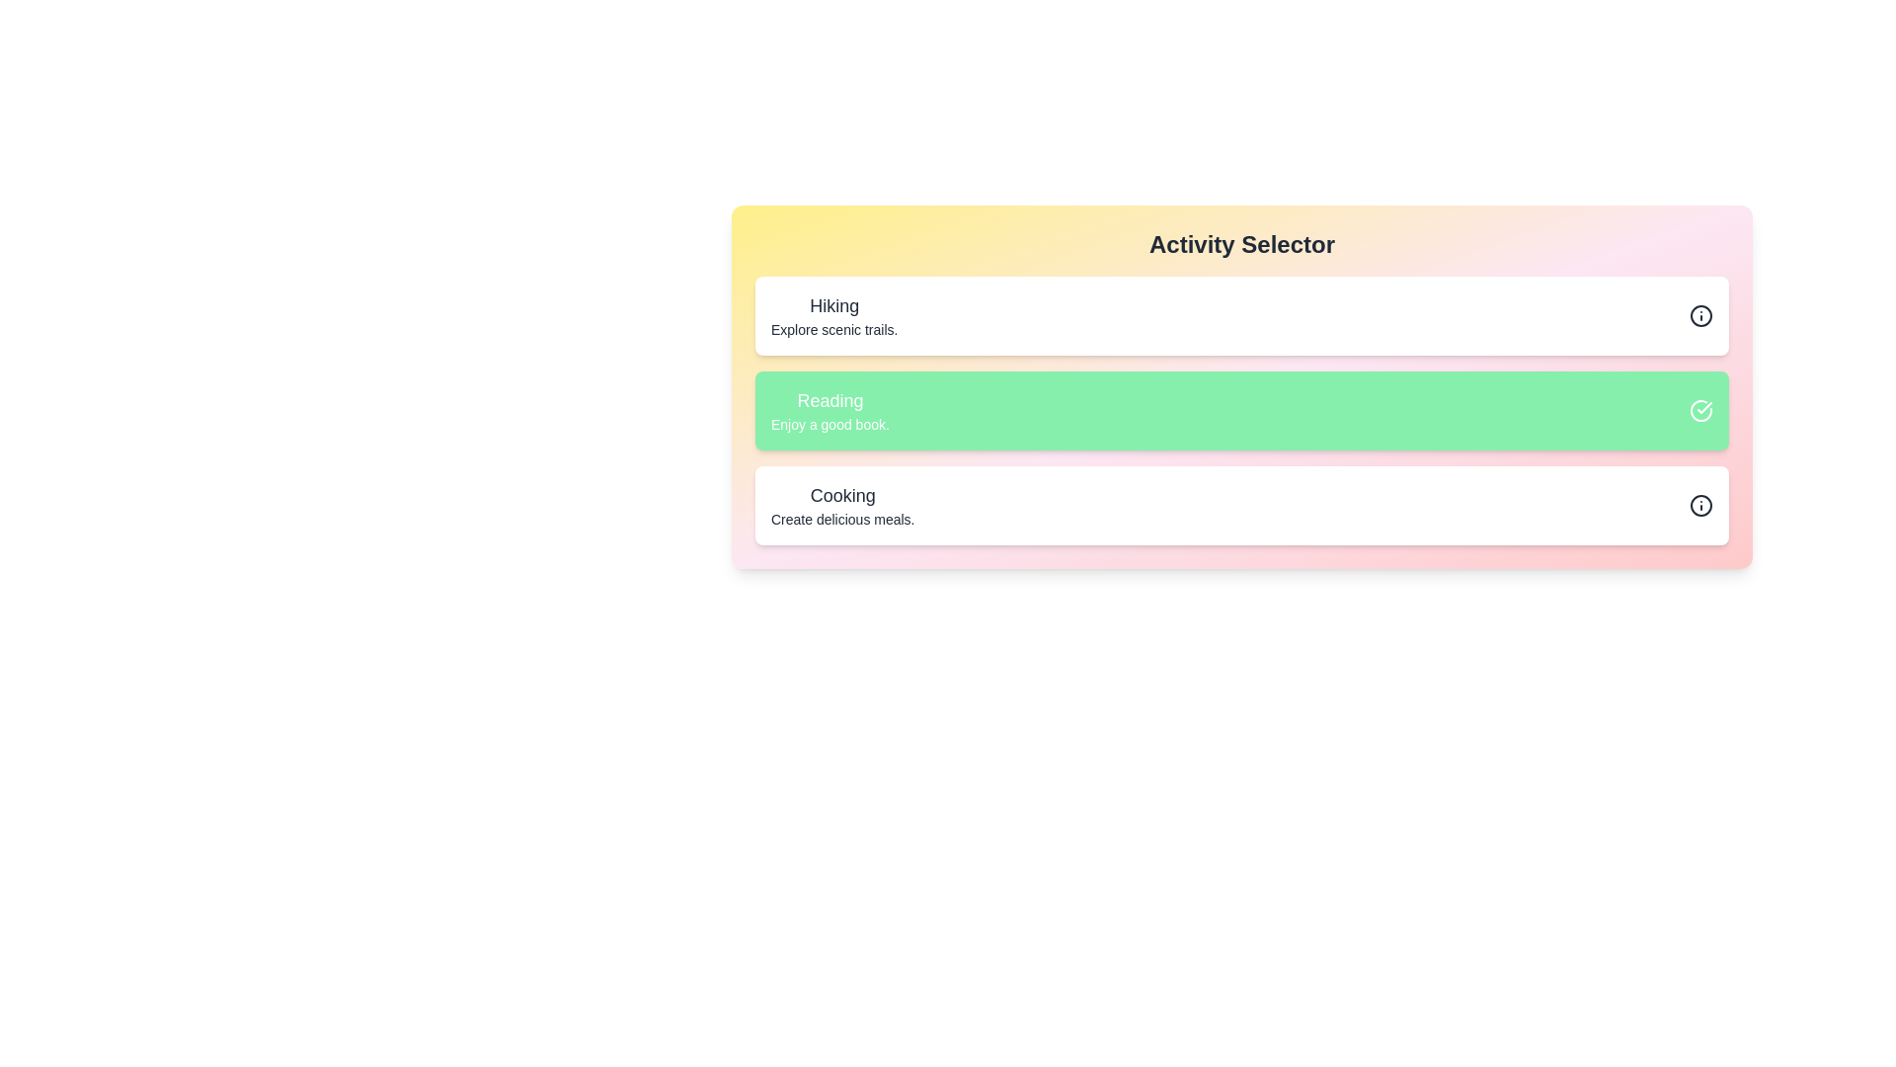 The width and height of the screenshot is (1896, 1067). I want to click on the activity 'Cooking' by clicking on its list item, so click(843, 505).